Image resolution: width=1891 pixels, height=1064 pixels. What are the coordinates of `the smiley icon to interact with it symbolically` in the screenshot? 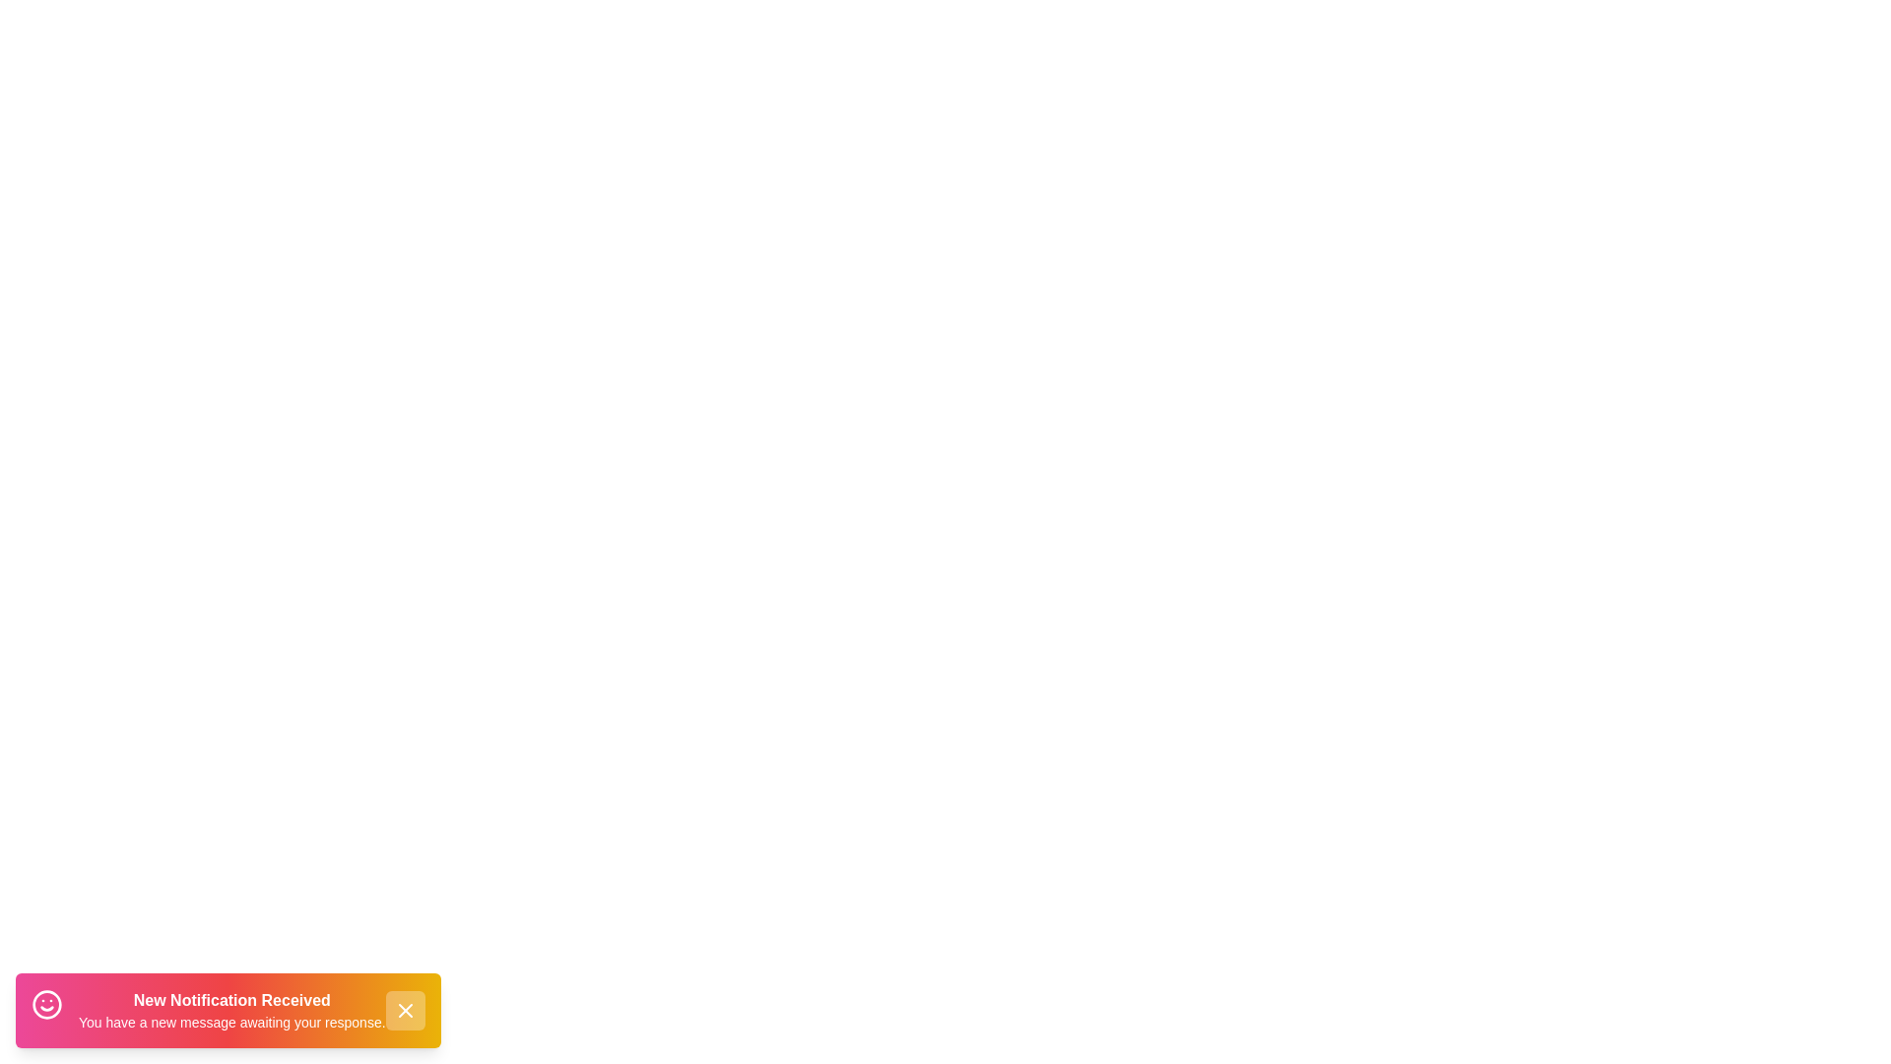 It's located at (47, 1007).